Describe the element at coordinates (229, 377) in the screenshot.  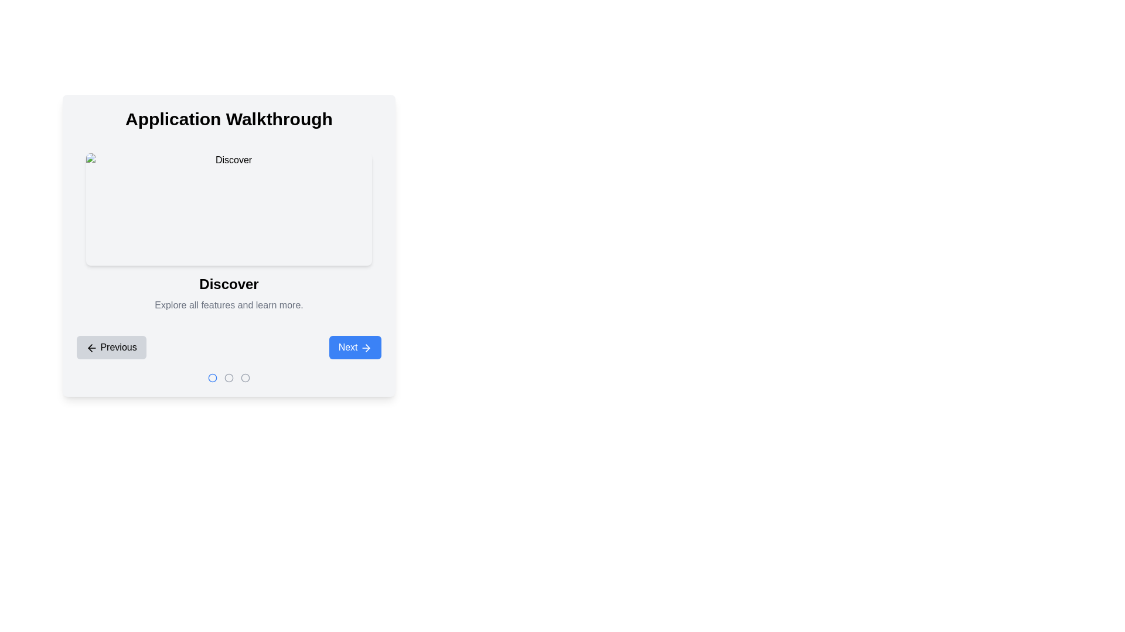
I see `the second circular Indicator icon located at the bottom center of the interface, which represents the second position in a sequence` at that location.